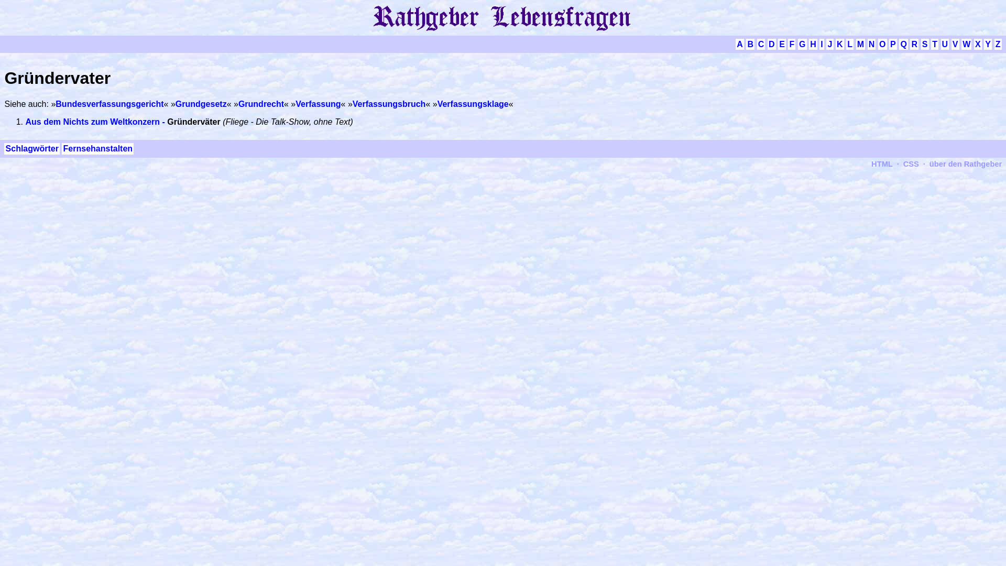 The width and height of the screenshot is (1006, 566). I want to click on 'L', so click(850, 43).